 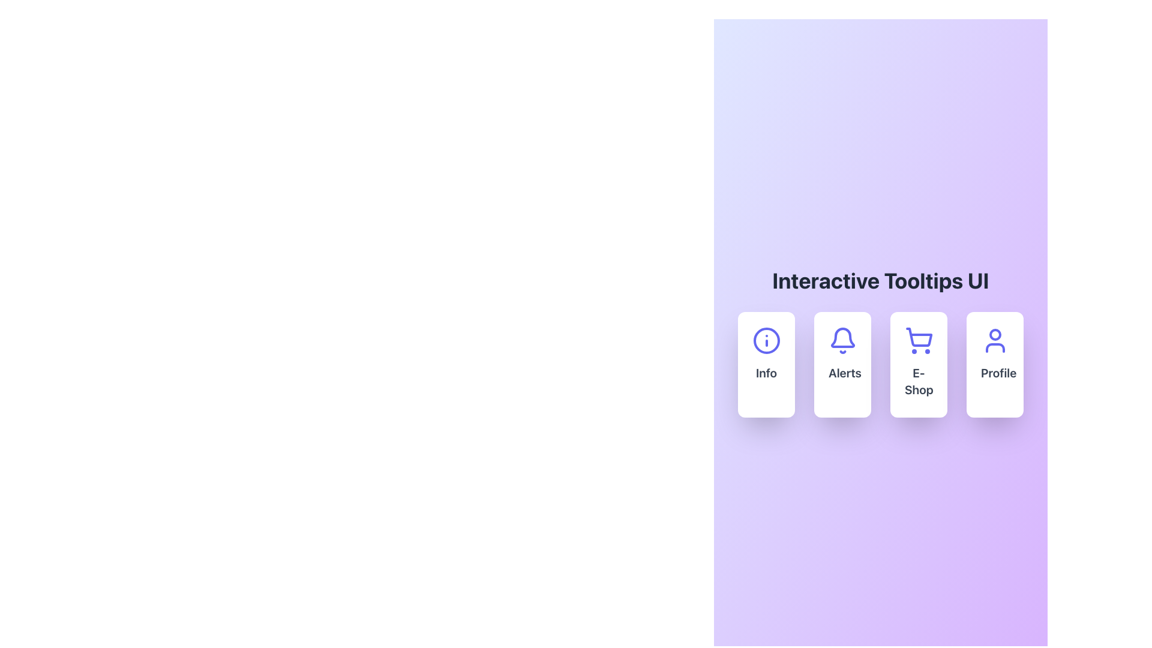 What do you see at coordinates (995, 372) in the screenshot?
I see `the text label indicating user profile and settings, located in the fourth card from the left, which is adjacent to cards labeled 'Info', 'Alerts', and 'E-Shop'` at bounding box center [995, 372].